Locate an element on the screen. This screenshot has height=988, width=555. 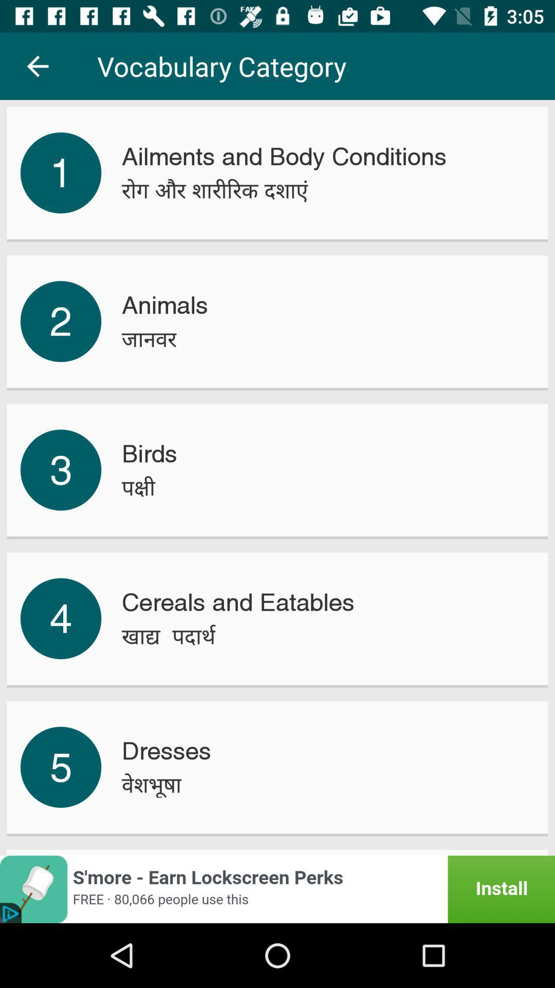
item to the right of 1 item is located at coordinates (214, 190).